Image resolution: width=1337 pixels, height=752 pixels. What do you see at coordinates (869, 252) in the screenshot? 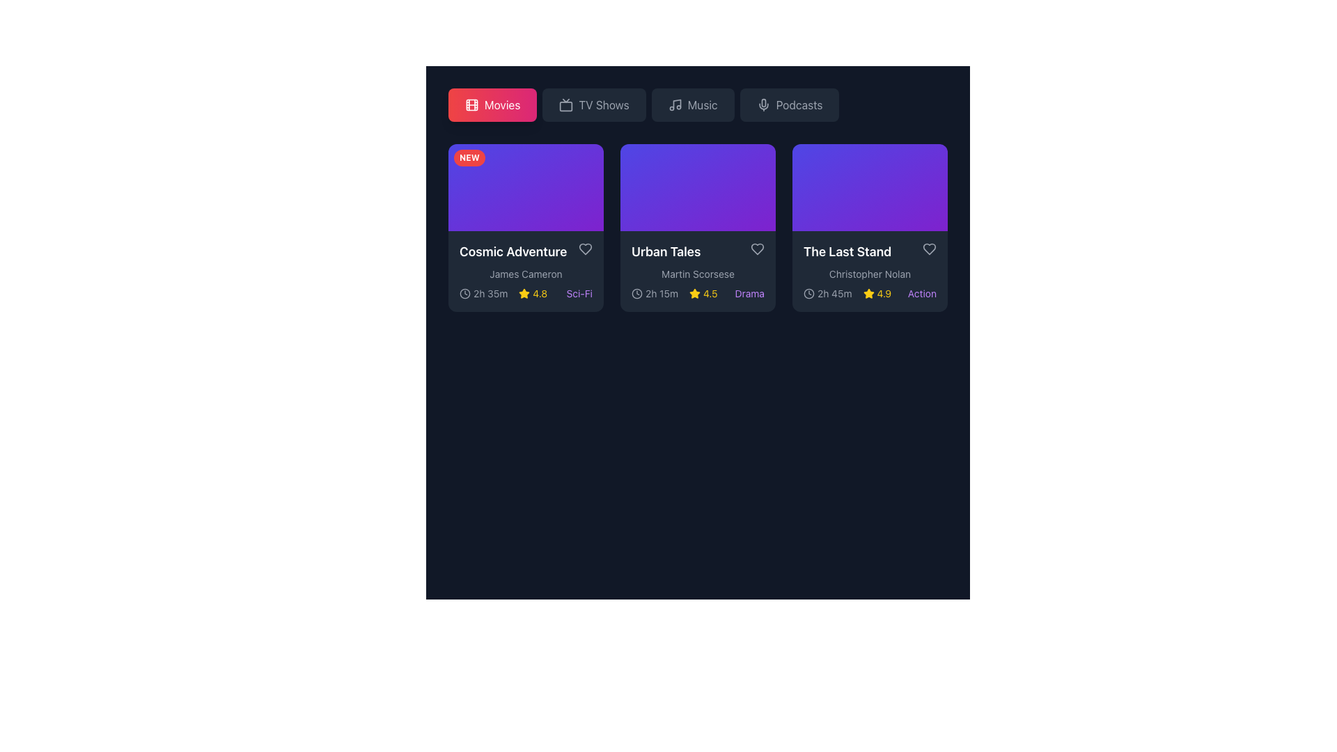
I see `text header labeled 'The Last Stand', which is the first line entry of the third movie card in the horizontally oriented list under the 'Movies' tab` at bounding box center [869, 252].